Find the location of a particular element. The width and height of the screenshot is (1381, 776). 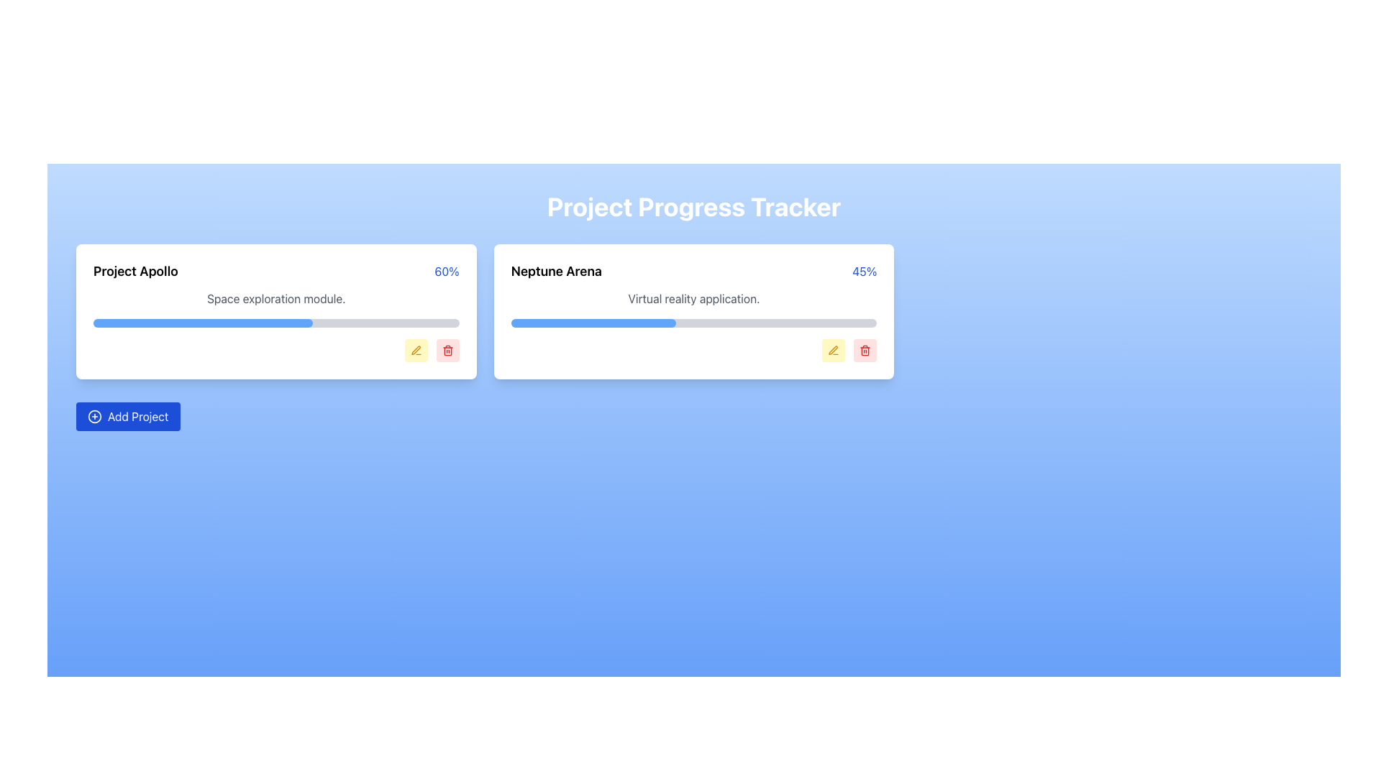

the header text displaying 'Project Progress Tracker', which is prominently bolded in white against a gradient blue background, located at the top section of the interface is located at coordinates (693, 207).